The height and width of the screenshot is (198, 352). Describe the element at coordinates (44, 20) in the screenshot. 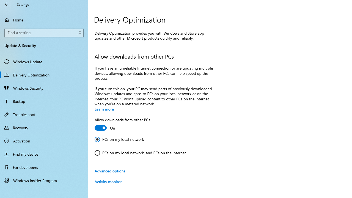

I see `'Home'` at that location.